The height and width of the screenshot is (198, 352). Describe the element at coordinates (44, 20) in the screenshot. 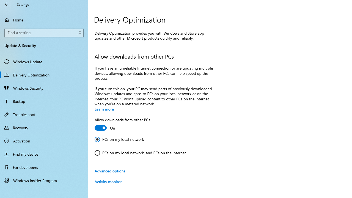

I see `'Home'` at that location.